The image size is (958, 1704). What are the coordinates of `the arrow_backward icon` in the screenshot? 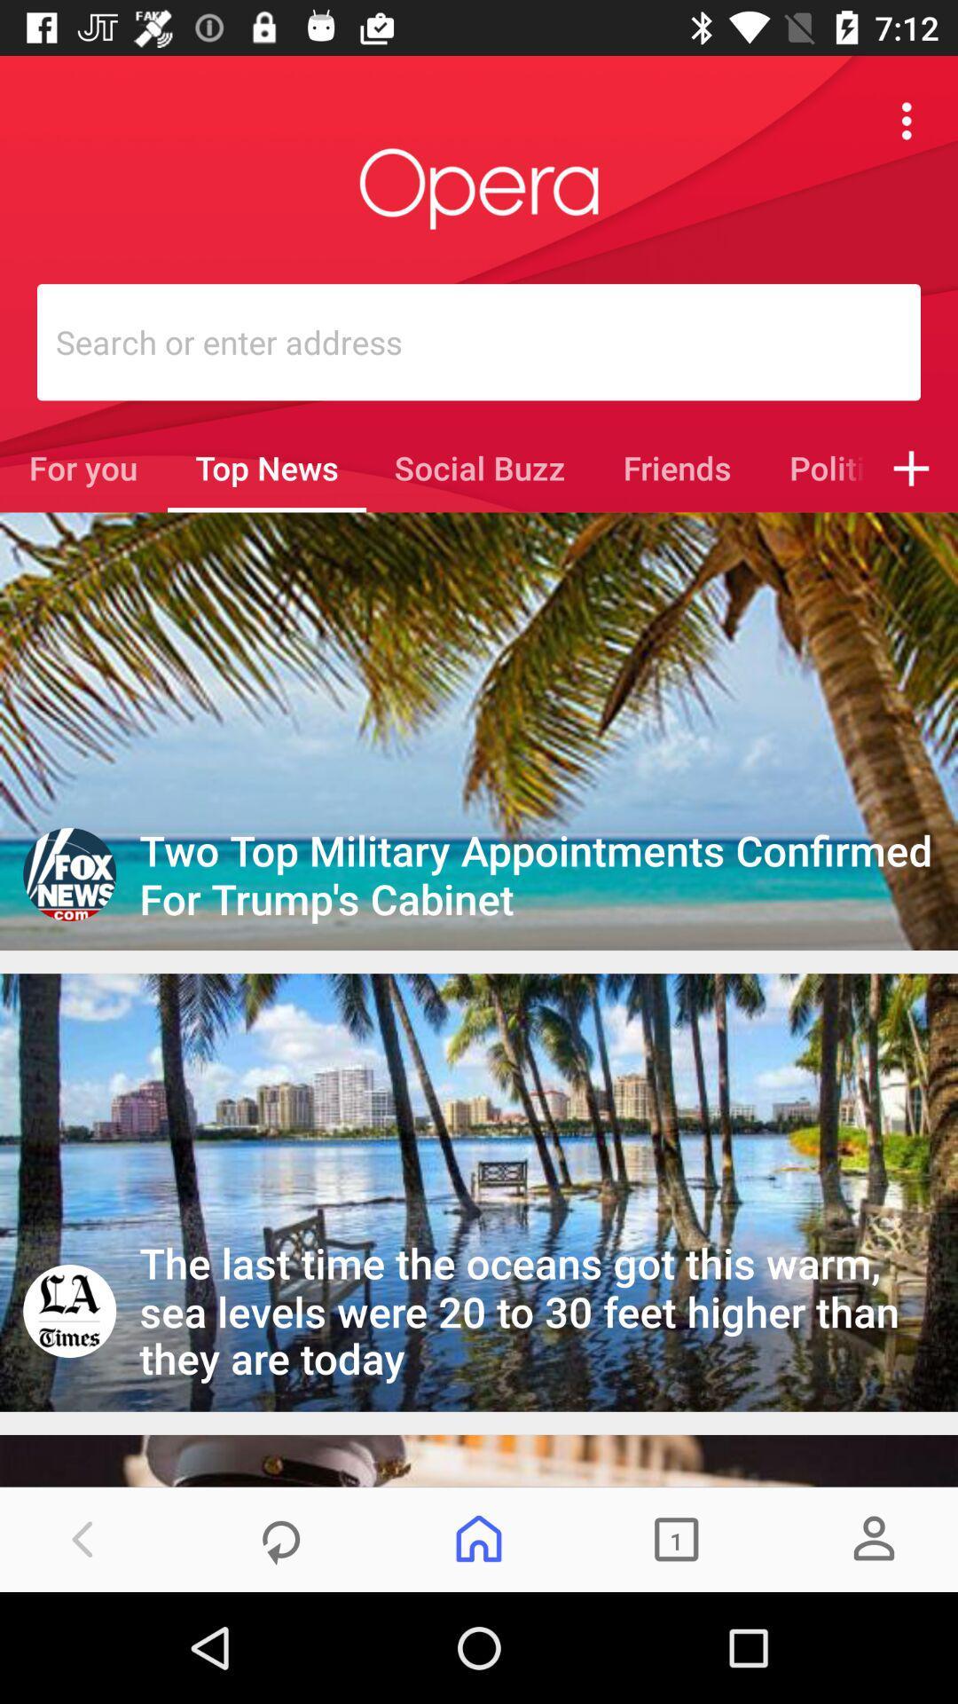 It's located at (83, 1538).